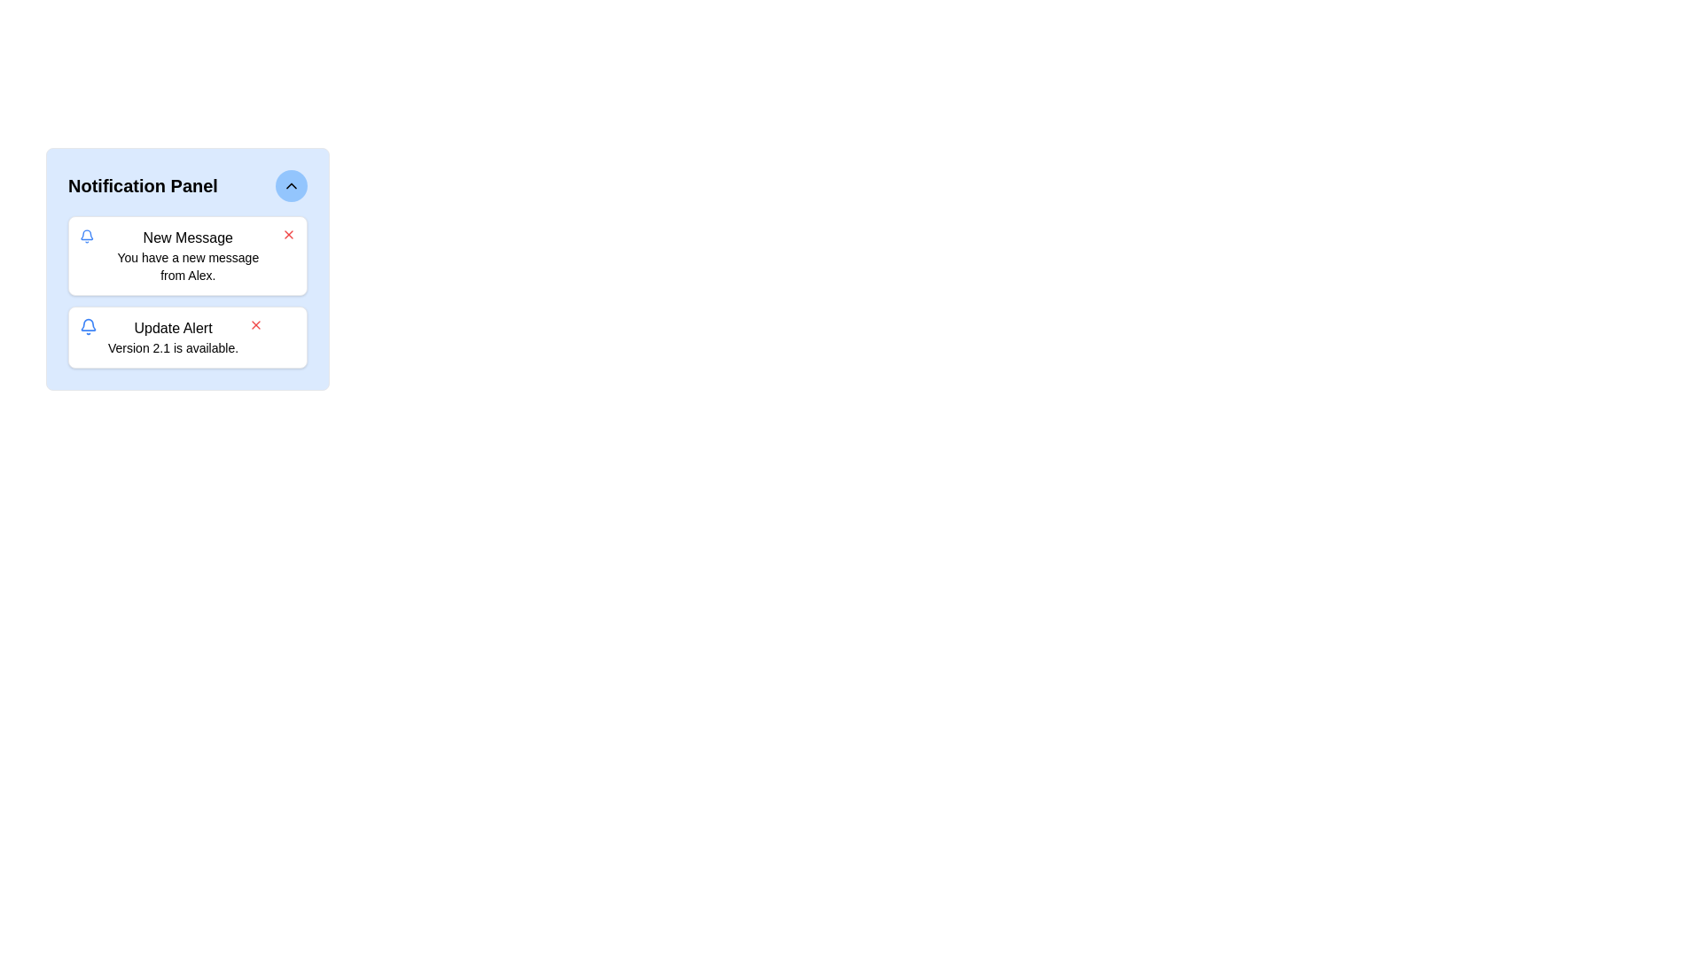 This screenshot has height=957, width=1702. I want to click on the bell icon located at the top-left corner of the notification card indicating a new message from Alex for potential interaction, so click(86, 235).